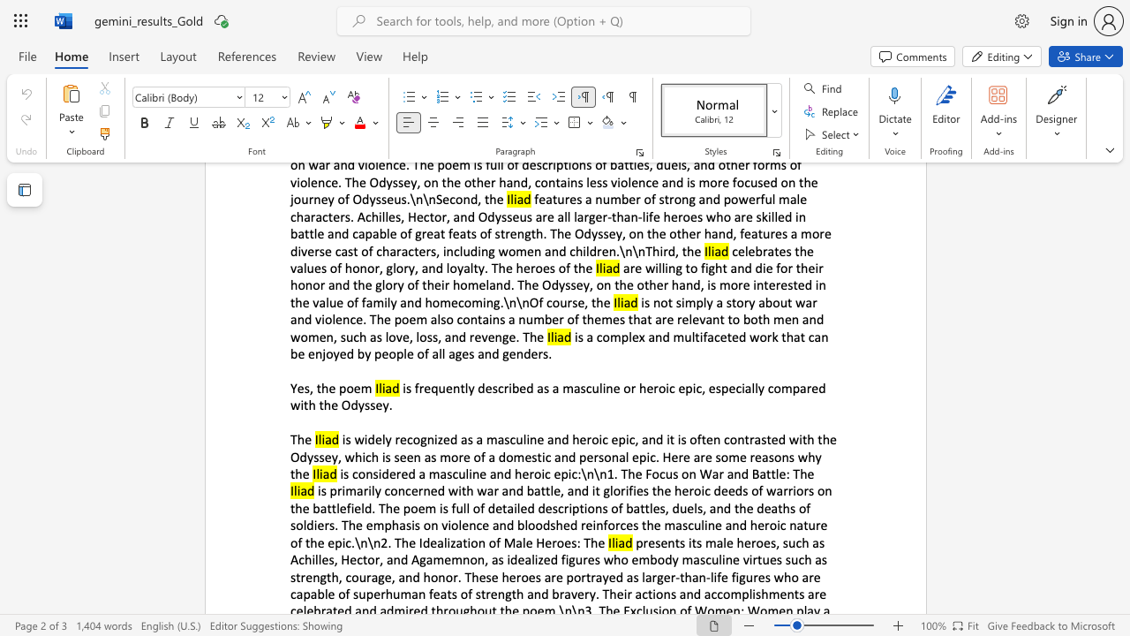  I want to click on the subset text "ths of soldier" within the text "is primarily concerned with war and battle, and it glorifies the heroic deeds of warriors on the battlefield. The poem is full of detailed descriptions of battles, duels, and the deaths of soldiers. The emphasis on violence and bloodshed reinforces the masculine and heroic nature of the epic.\n\n2. The Idealization of Male Heroes: The", so click(777, 508).